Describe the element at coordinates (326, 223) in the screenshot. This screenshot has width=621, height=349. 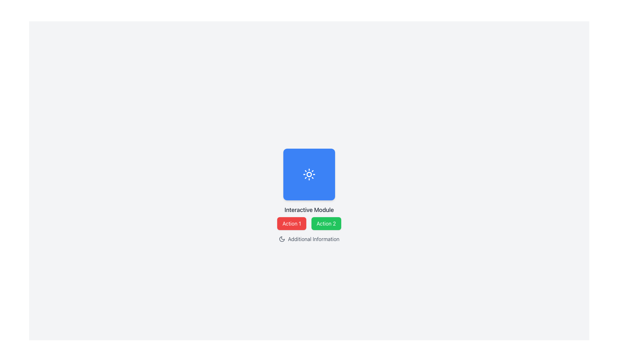
I see `the rectangular button labeled 'Action 2' with a green background to observe its hover effect` at that location.